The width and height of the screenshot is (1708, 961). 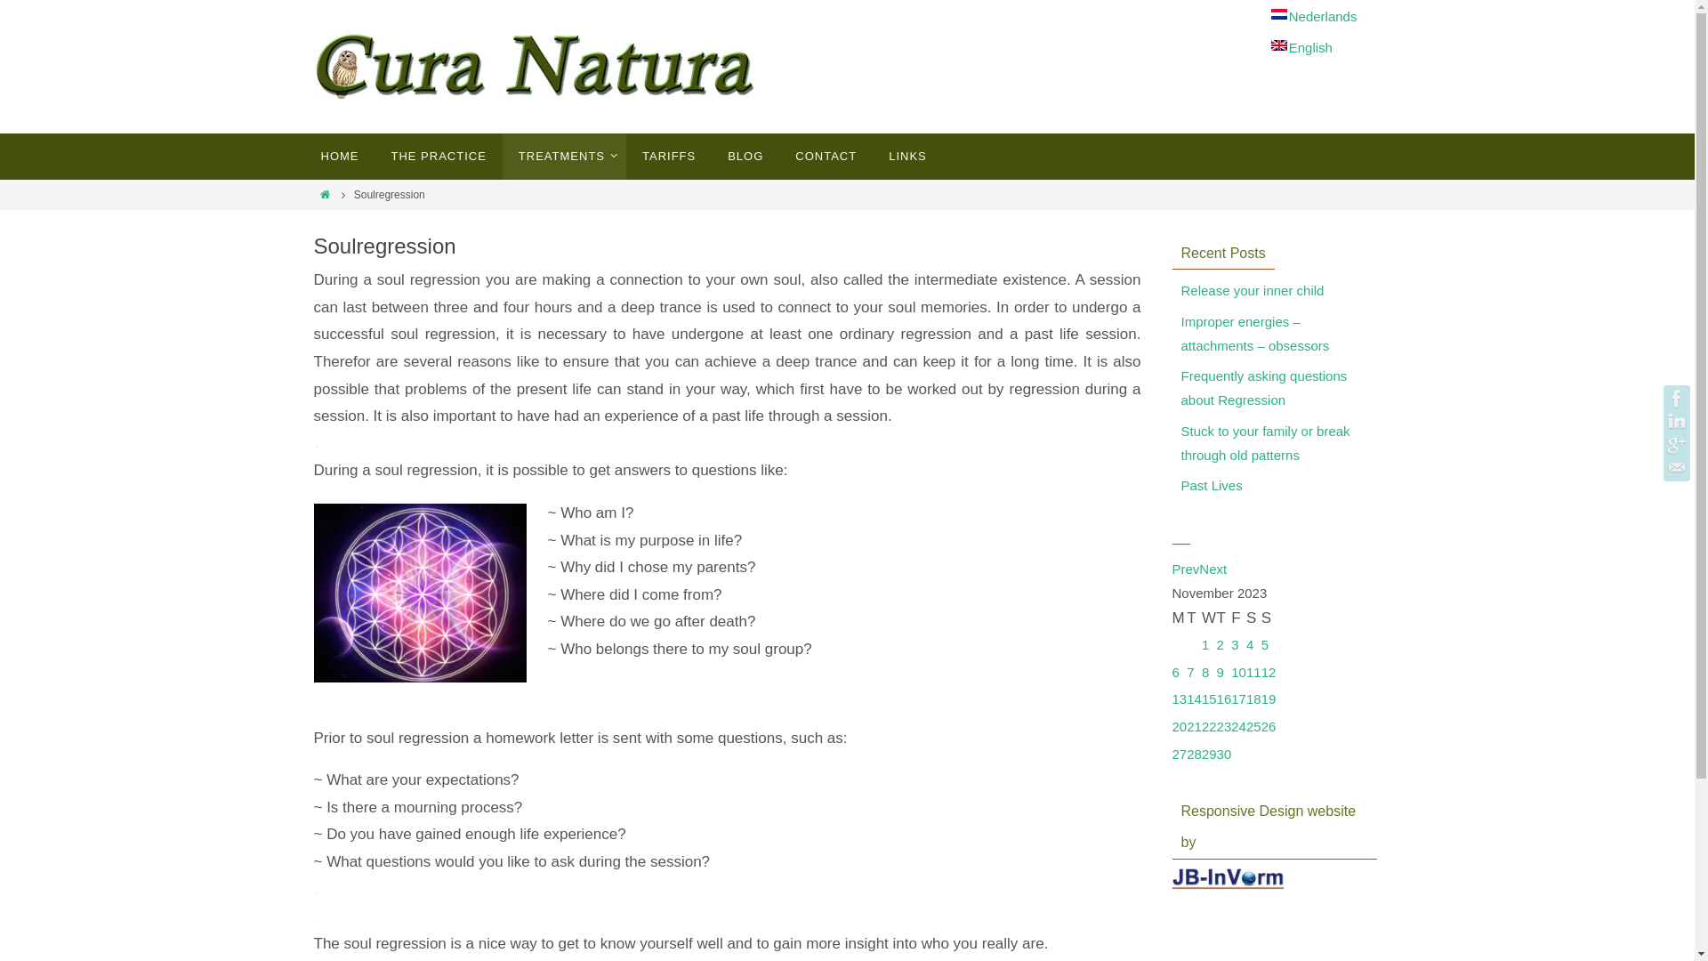 I want to click on 'THE PRACTICE', so click(x=439, y=156).